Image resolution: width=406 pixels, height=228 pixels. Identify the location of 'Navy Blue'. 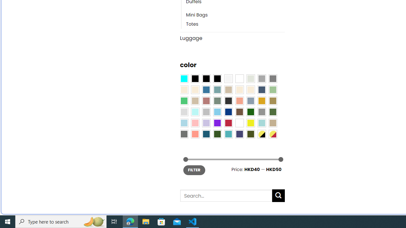
(228, 112).